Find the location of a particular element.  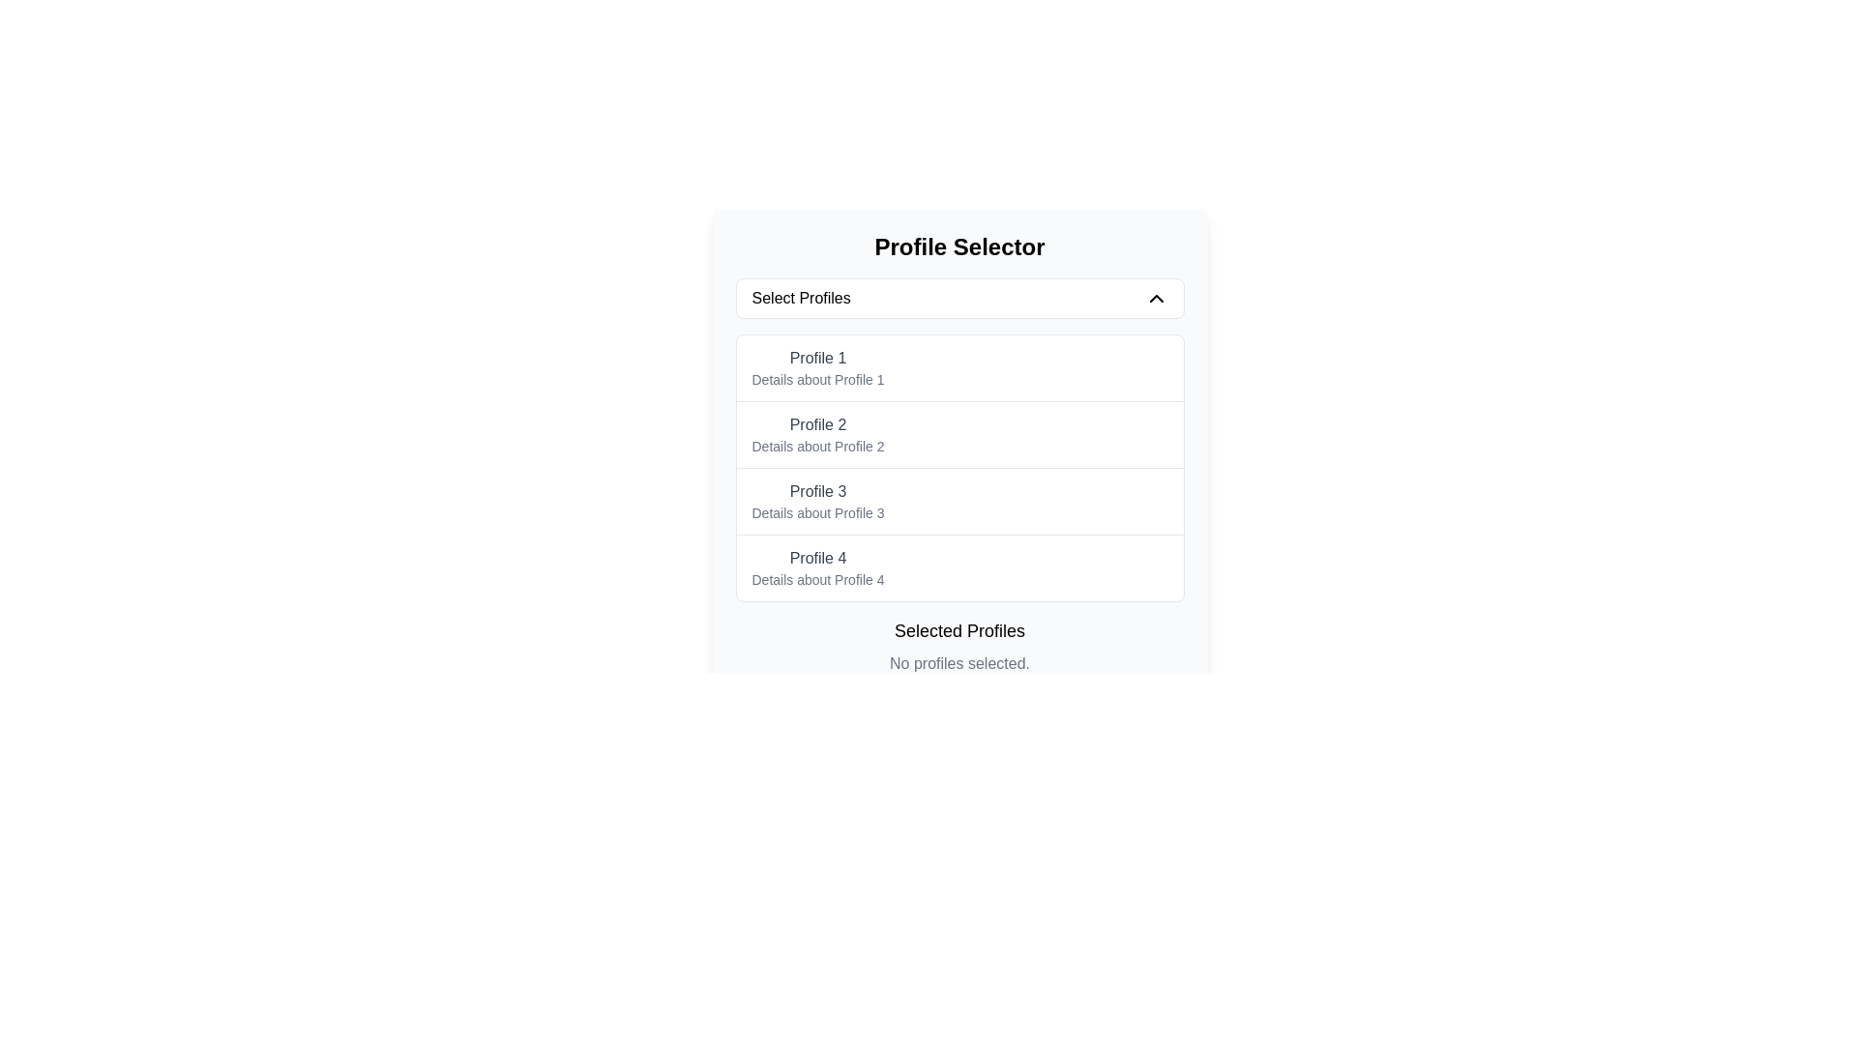

to select the third profile option in the profile selector interface, which displays the name of the profile and additional details is located at coordinates (817, 501).